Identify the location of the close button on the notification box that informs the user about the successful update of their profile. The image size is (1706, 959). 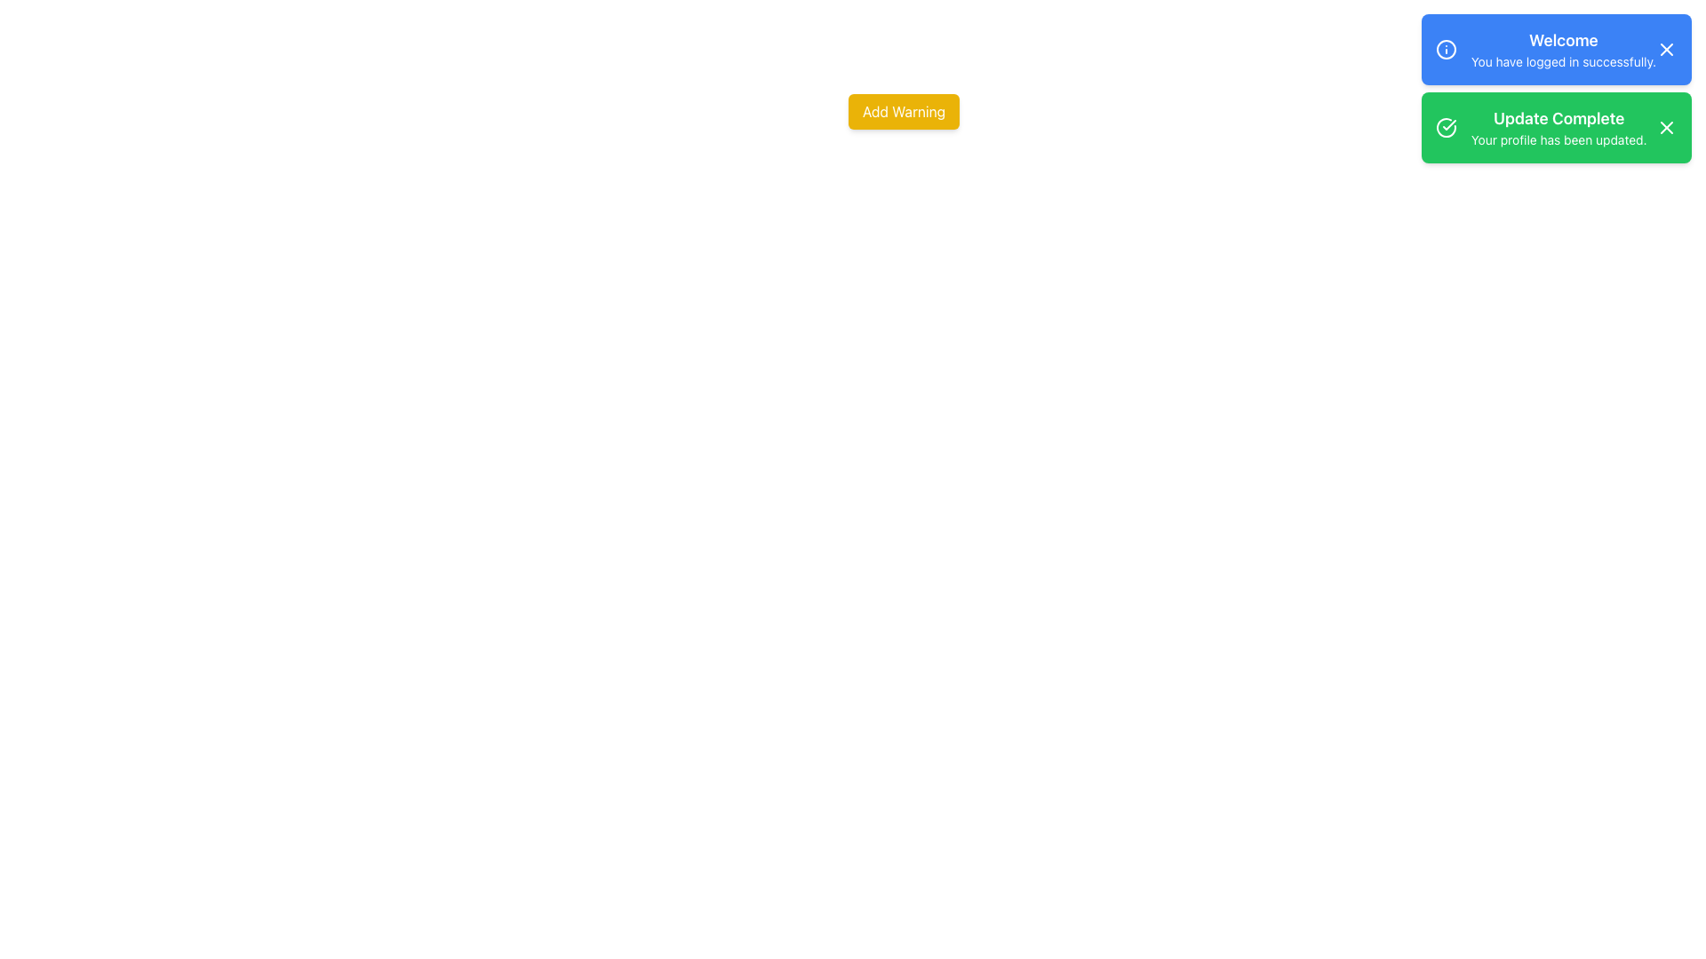
(1555, 126).